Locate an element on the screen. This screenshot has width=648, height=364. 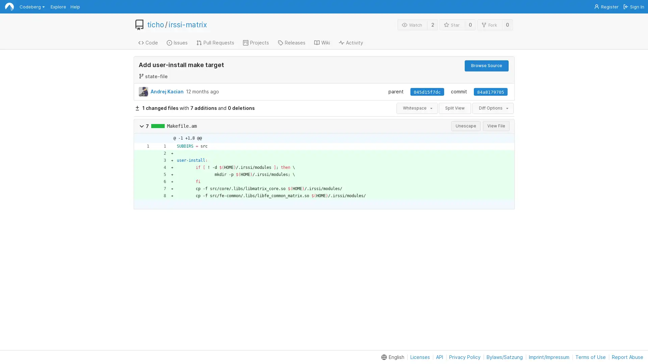
Watch is located at coordinates (412, 24).